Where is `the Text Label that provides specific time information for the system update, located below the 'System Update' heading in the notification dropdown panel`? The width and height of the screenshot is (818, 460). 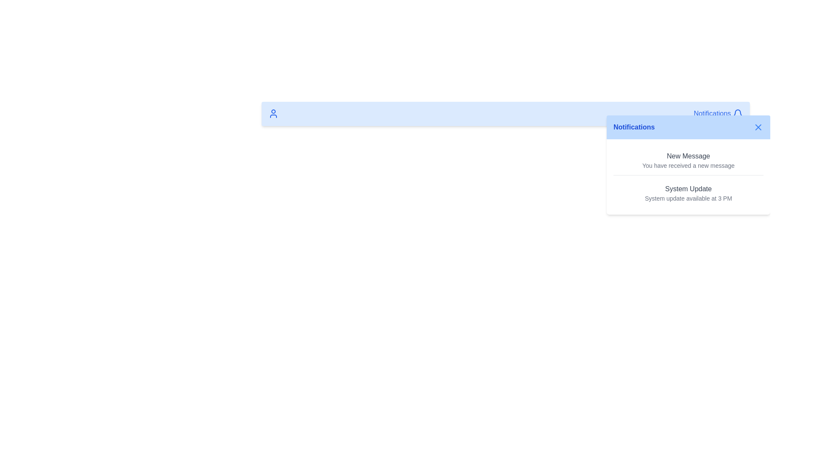
the Text Label that provides specific time information for the system update, located below the 'System Update' heading in the notification dropdown panel is located at coordinates (688, 198).